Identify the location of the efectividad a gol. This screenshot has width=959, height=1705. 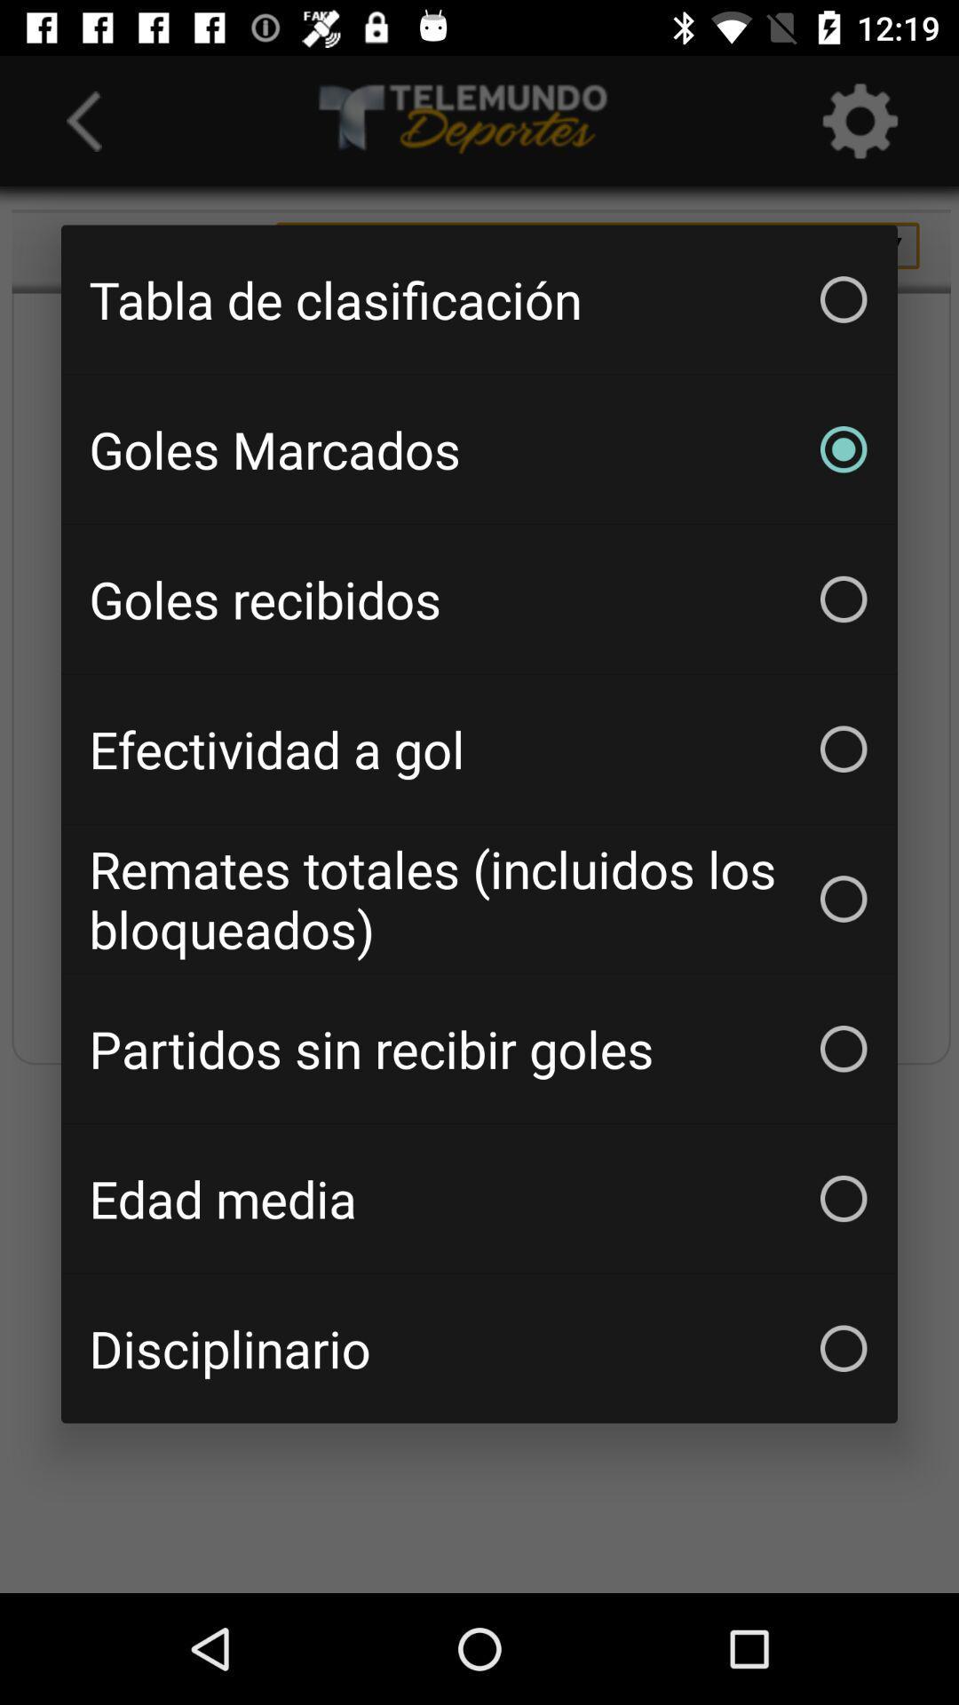
(479, 749).